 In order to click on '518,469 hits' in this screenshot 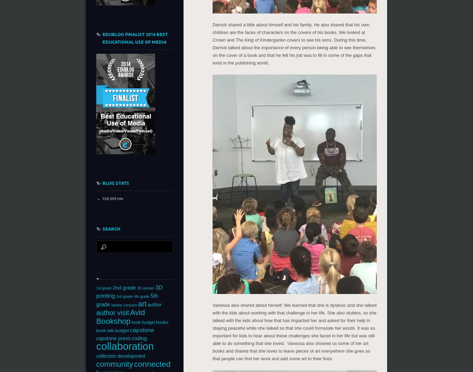, I will do `click(113, 198)`.